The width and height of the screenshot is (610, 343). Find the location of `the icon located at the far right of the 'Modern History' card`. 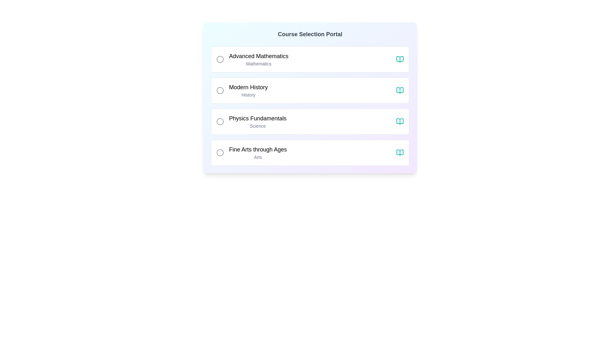

the icon located at the far right of the 'Modern History' card is located at coordinates (399, 91).